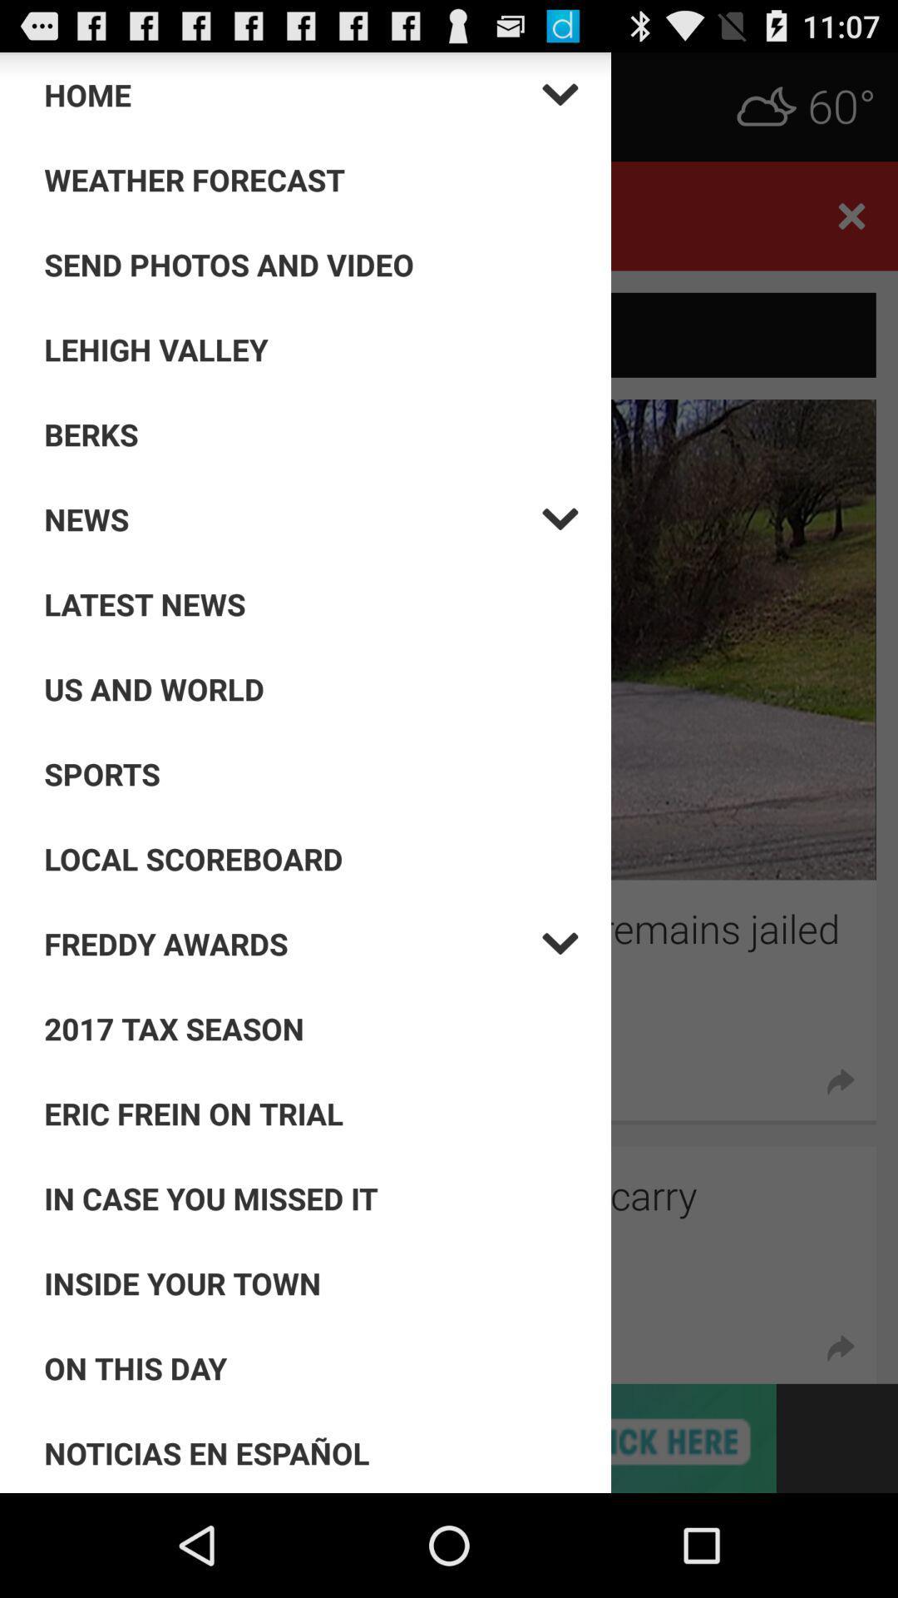 This screenshot has height=1598, width=898. Describe the element at coordinates (311, 180) in the screenshot. I see `the button below home` at that location.